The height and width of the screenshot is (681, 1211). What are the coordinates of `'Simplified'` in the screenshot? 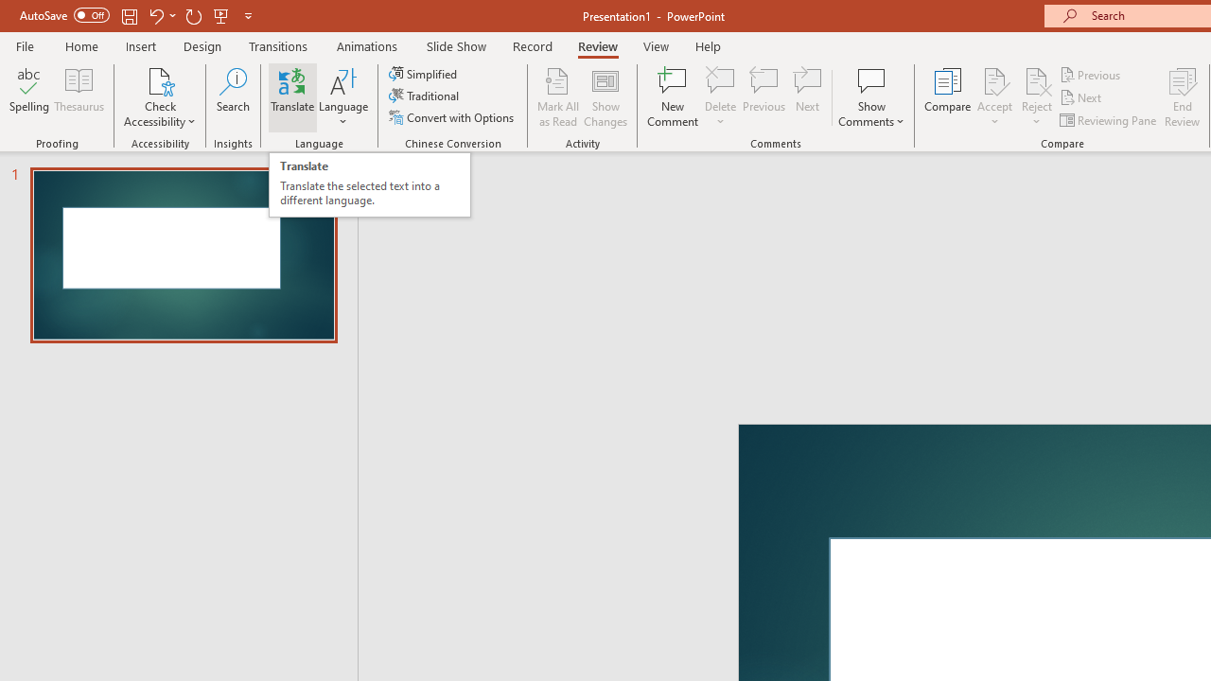 It's located at (424, 73).